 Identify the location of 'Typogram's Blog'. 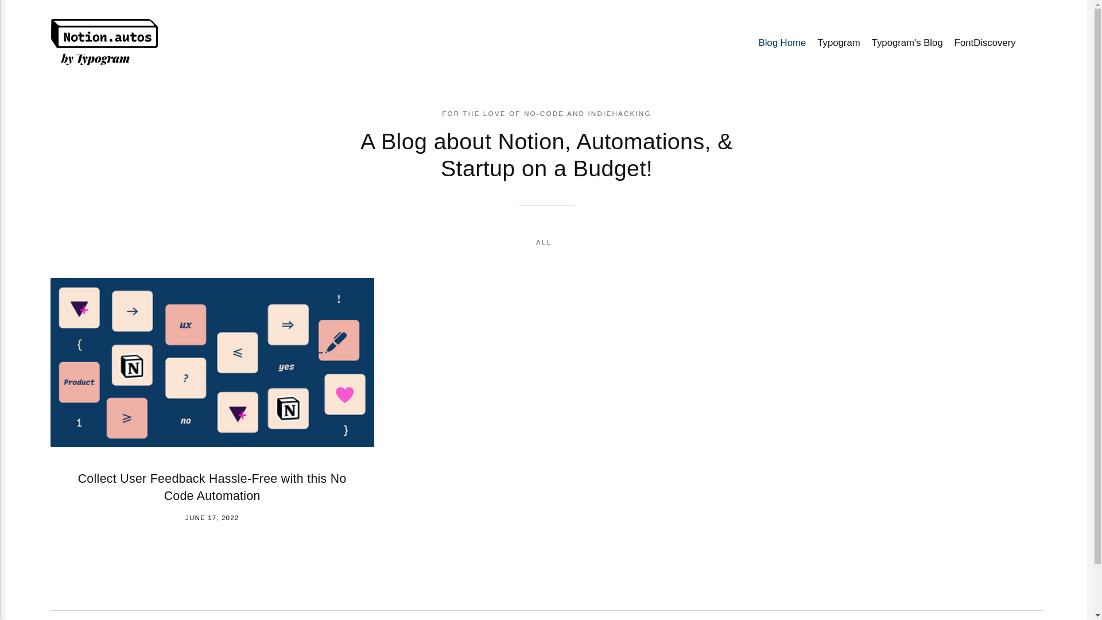
(866, 42).